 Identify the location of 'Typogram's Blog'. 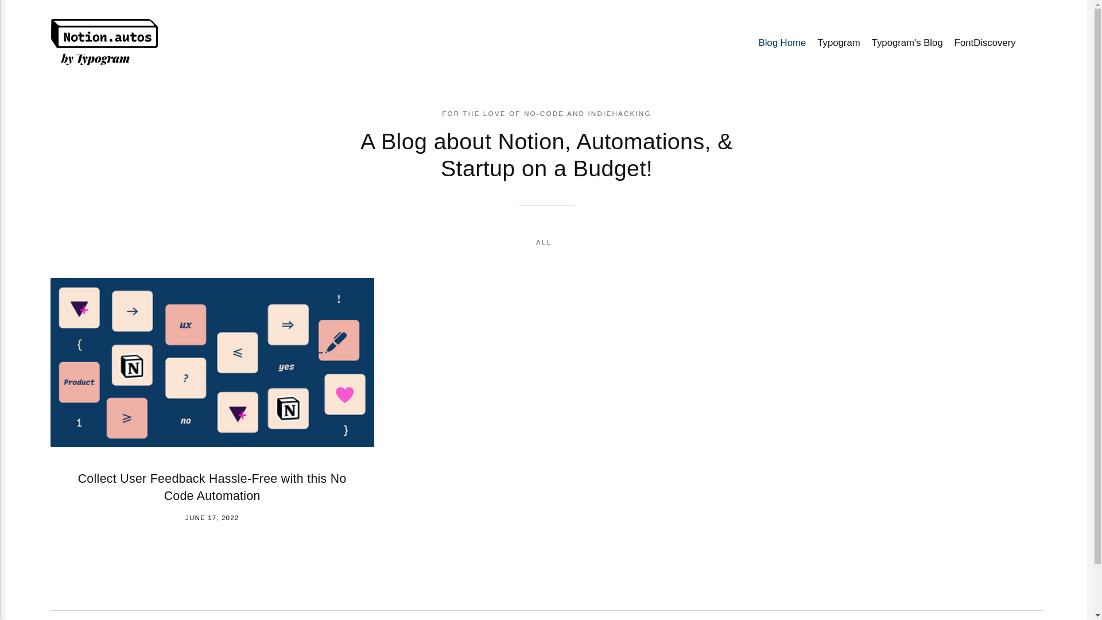
(866, 42).